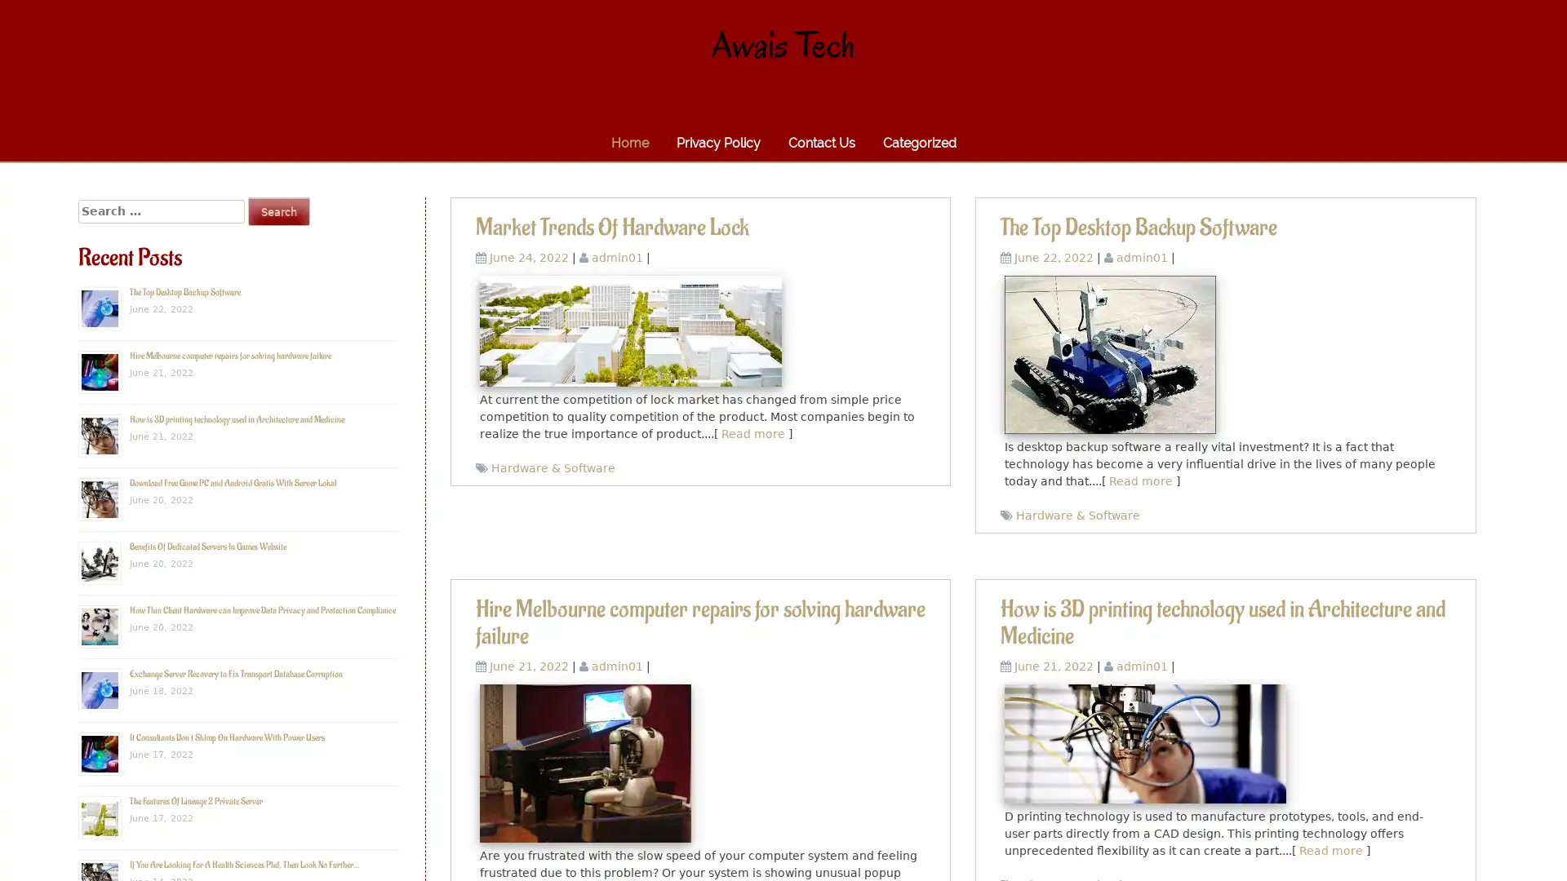  I want to click on Search, so click(278, 210).